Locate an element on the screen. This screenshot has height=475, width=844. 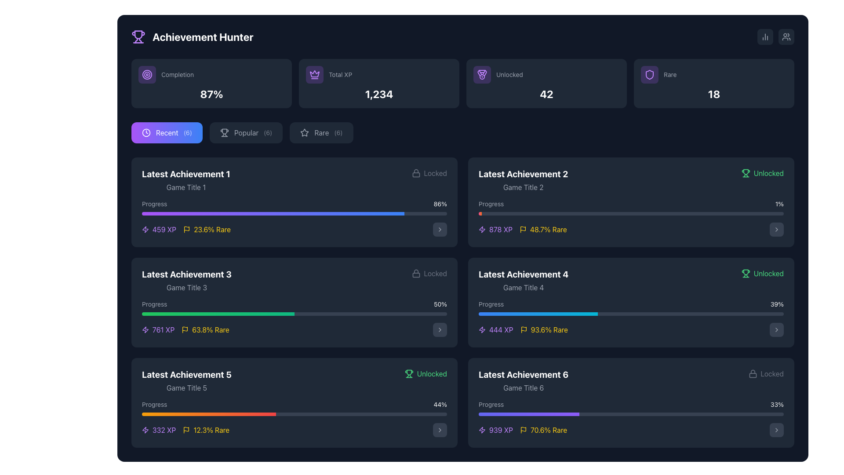
the purple lightning bolt icon representing energy or experience, located to the left of the '878 XP' text is located at coordinates (482, 229).